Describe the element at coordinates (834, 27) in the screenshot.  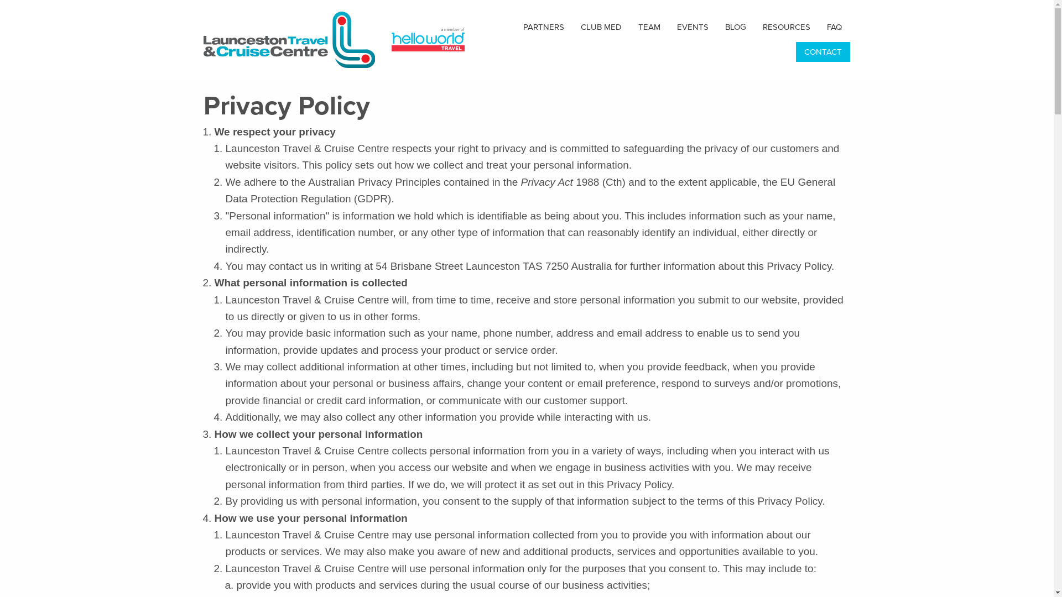
I see `'FAQ'` at that location.